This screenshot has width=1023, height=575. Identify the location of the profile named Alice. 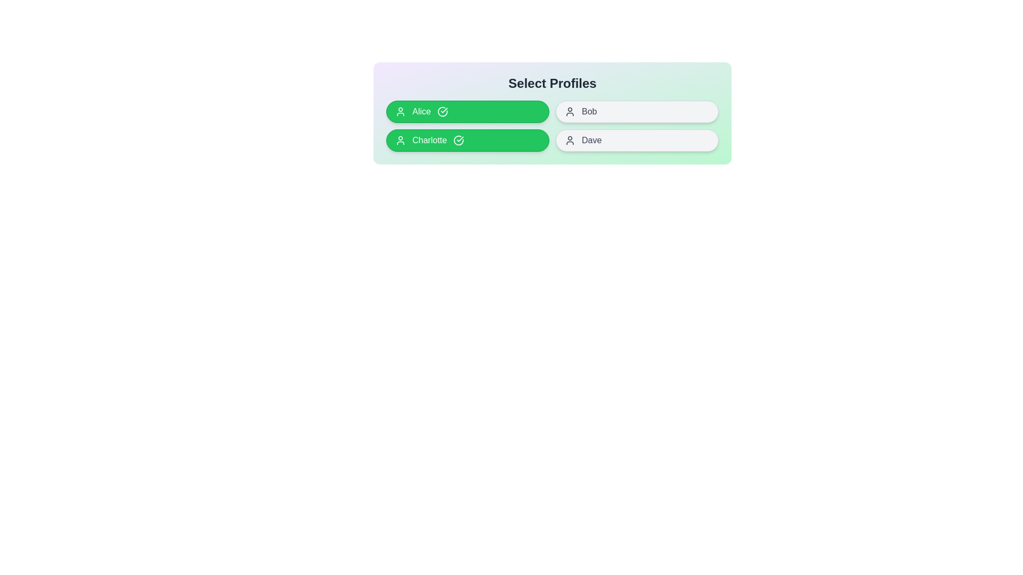
(468, 111).